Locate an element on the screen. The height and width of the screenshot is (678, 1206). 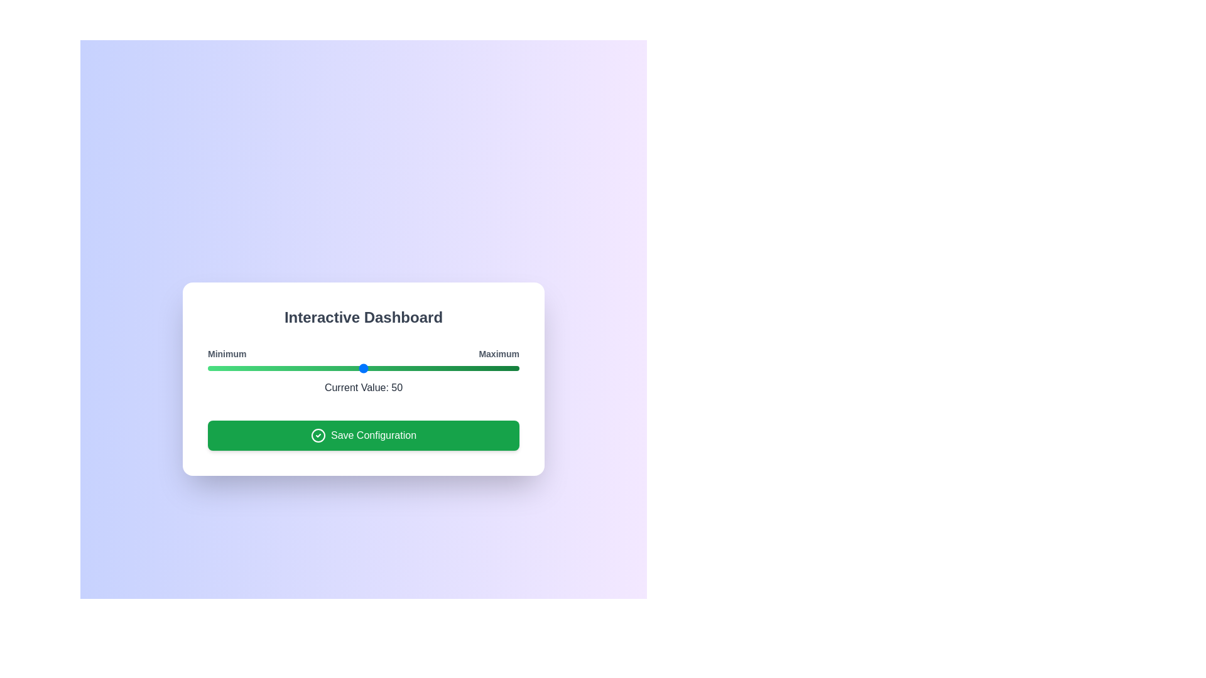
the slider to set its value to 54 is located at coordinates (375, 367).